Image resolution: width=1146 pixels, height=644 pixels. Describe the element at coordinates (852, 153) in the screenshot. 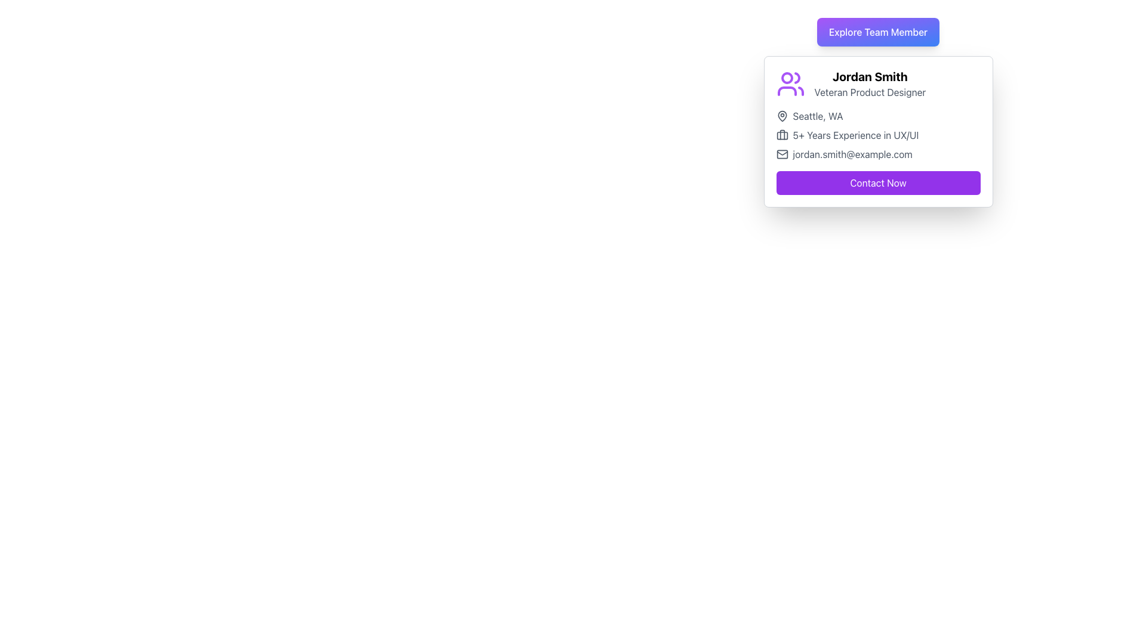

I see `text label displaying 'jordan.smith@example.com' located at the bottom region of the user information card, adjacent to the mail icon` at that location.